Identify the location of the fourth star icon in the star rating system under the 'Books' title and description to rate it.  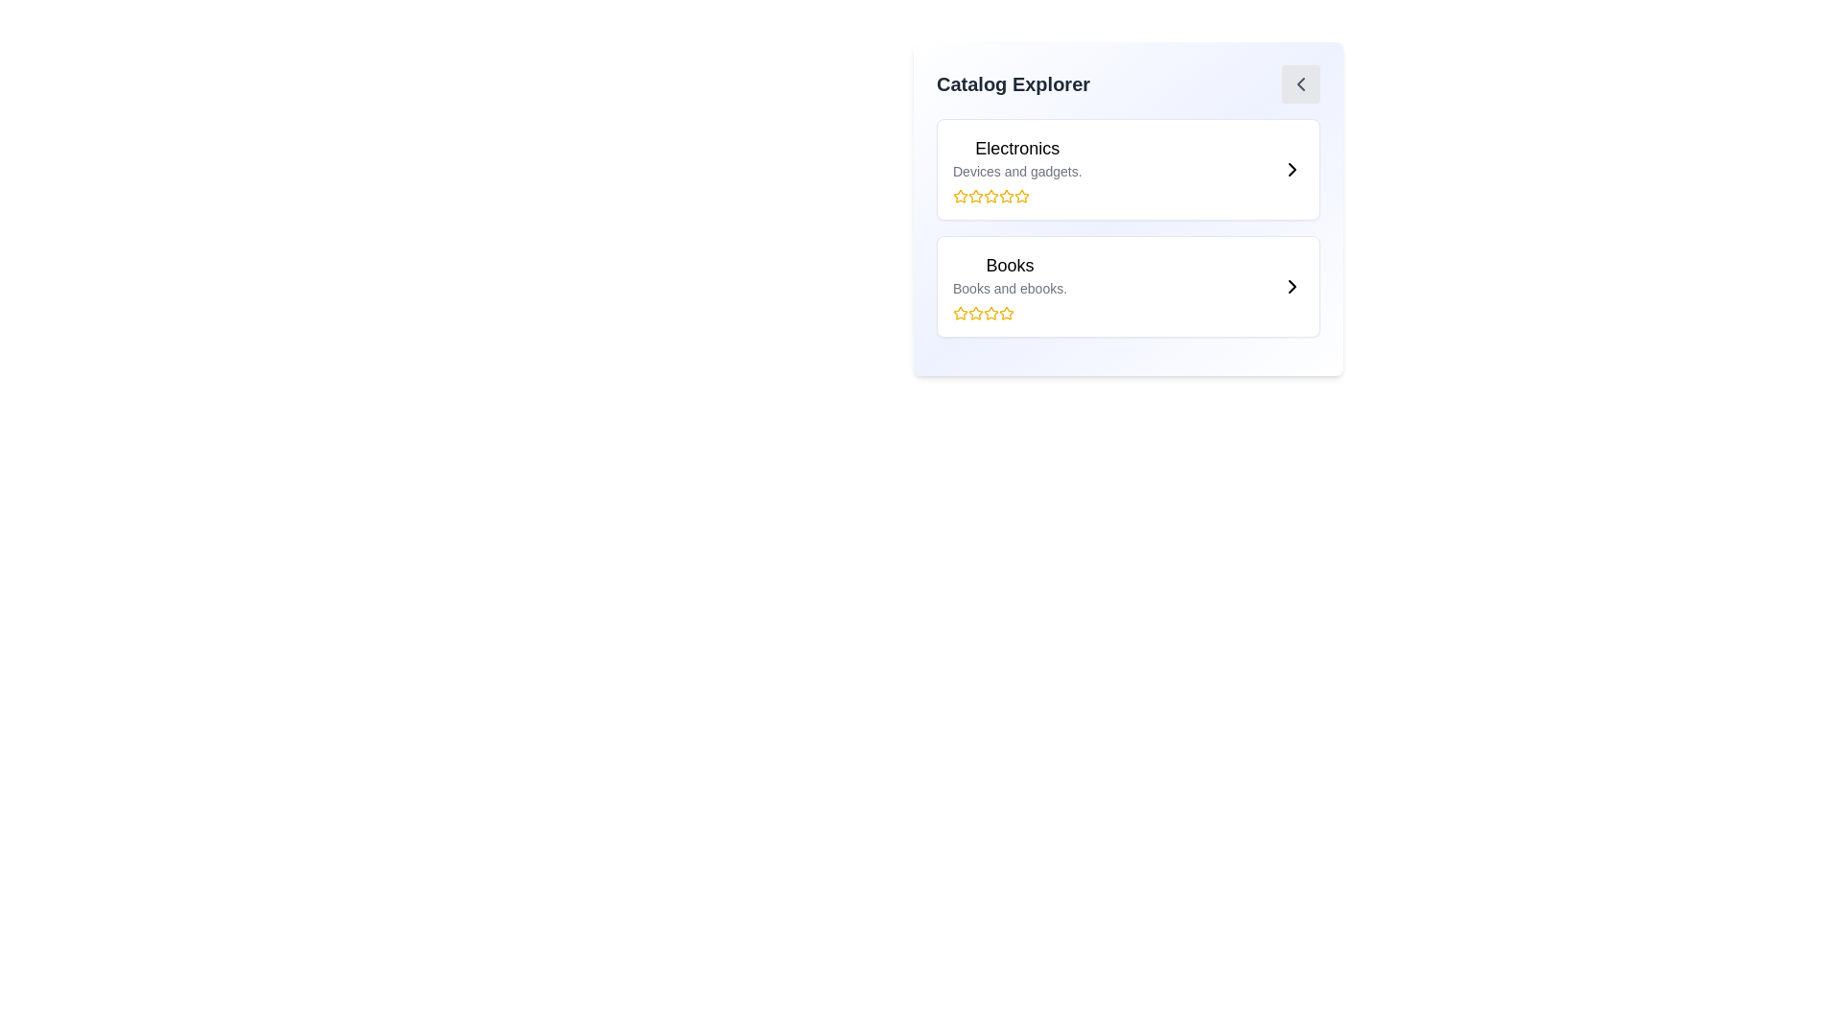
(990, 313).